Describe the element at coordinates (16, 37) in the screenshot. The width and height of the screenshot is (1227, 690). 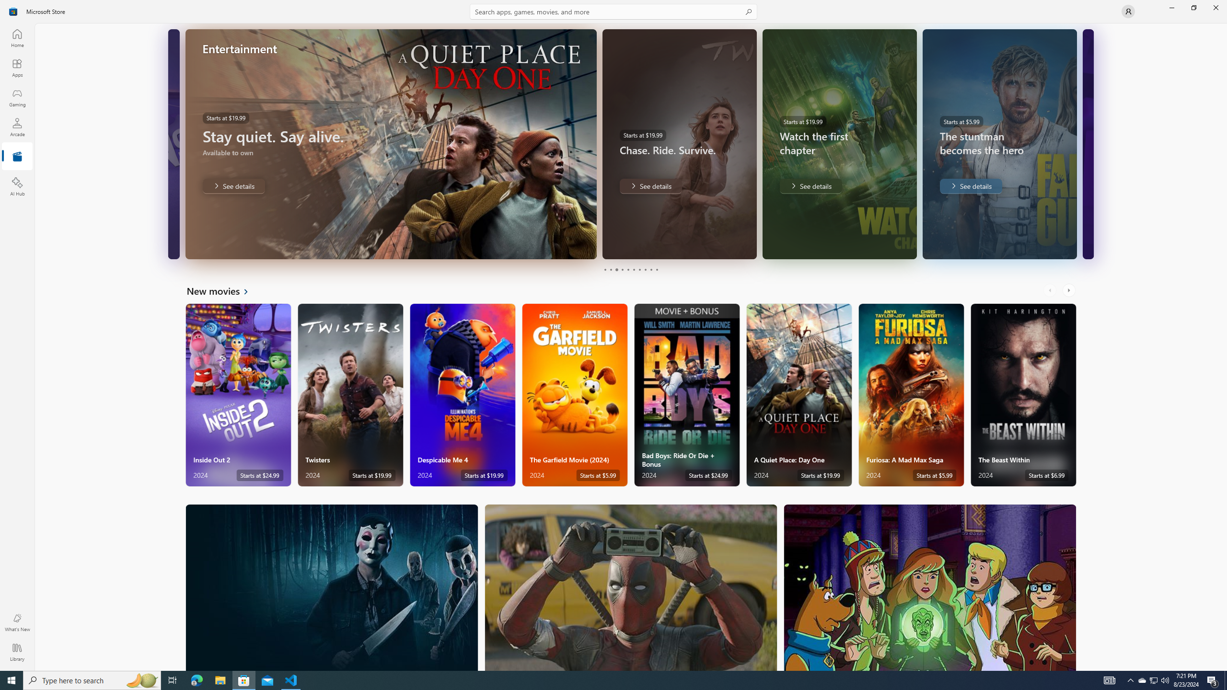
I see `'Home'` at that location.